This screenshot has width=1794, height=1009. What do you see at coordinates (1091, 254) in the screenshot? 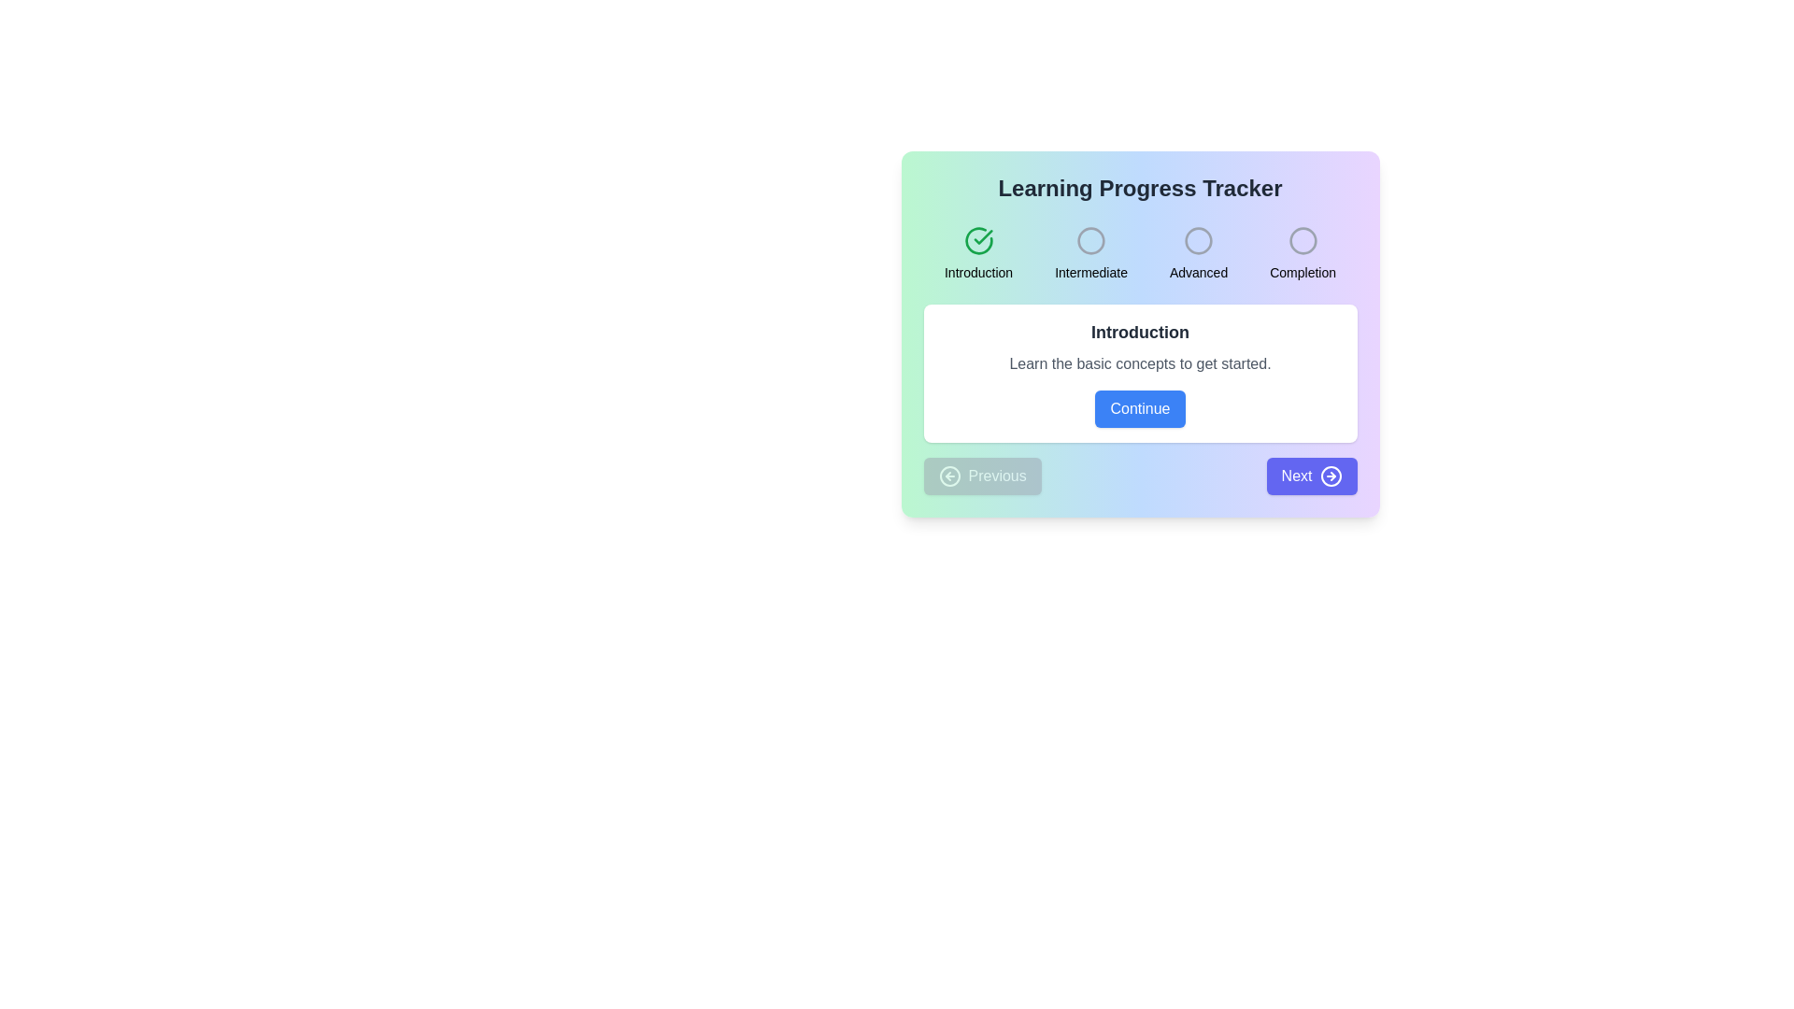
I see `the 'Intermediate' step indicator label with associated icon in the Learning Progress Tracker section, which is the second element in a series of four step indicators` at bounding box center [1091, 254].